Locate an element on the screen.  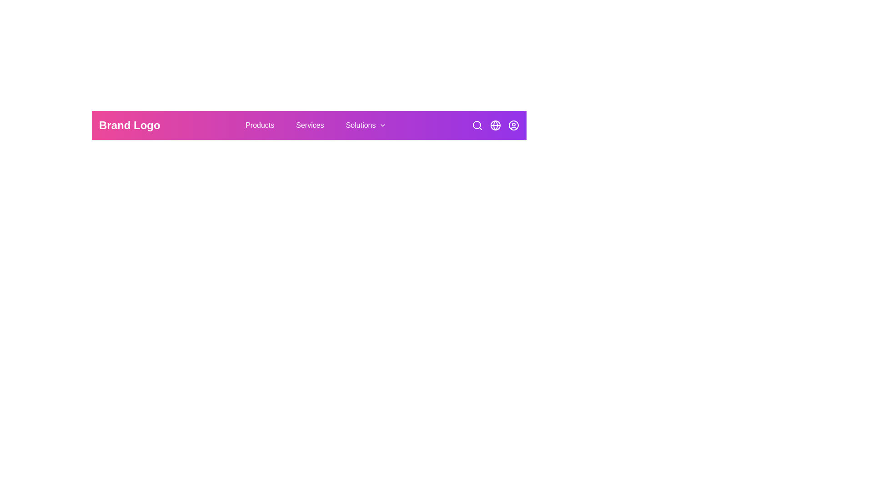
the dropdown icon associated with the 'Solutions' button is located at coordinates (383, 125).